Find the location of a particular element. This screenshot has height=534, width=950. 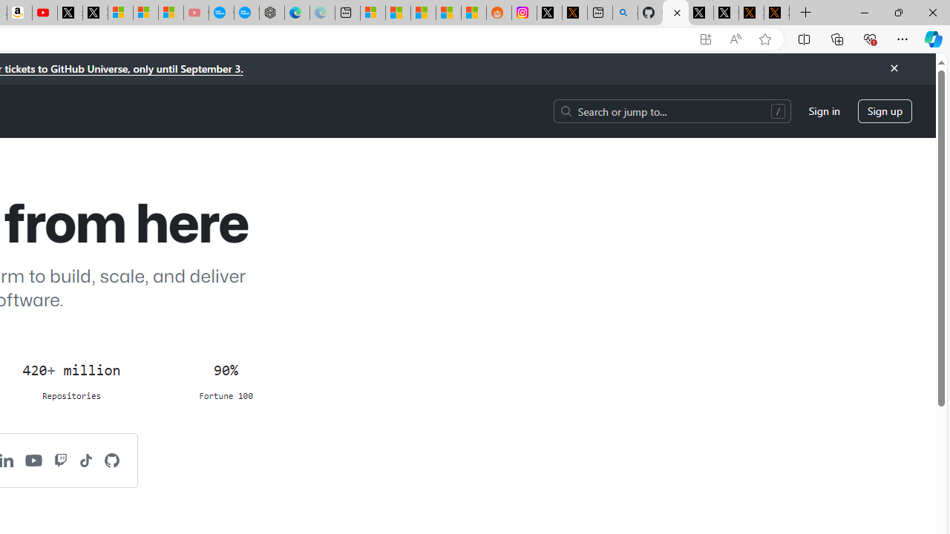

'GitHub on Twitch' is located at coordinates (60, 459).